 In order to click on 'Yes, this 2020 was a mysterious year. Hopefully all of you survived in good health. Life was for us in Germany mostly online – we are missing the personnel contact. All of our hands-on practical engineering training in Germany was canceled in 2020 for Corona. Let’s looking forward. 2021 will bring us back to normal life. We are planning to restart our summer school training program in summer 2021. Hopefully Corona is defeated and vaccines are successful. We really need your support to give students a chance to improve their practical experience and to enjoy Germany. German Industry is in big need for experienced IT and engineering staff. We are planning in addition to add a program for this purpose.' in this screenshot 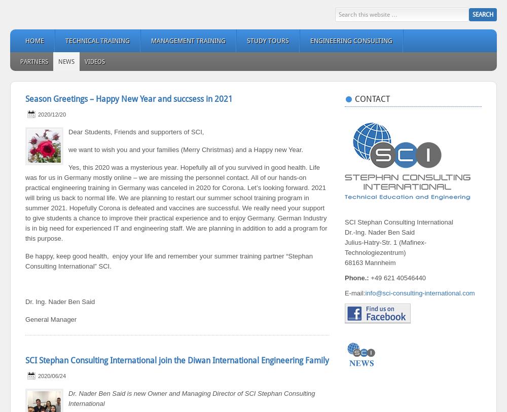, I will do `click(25, 202)`.